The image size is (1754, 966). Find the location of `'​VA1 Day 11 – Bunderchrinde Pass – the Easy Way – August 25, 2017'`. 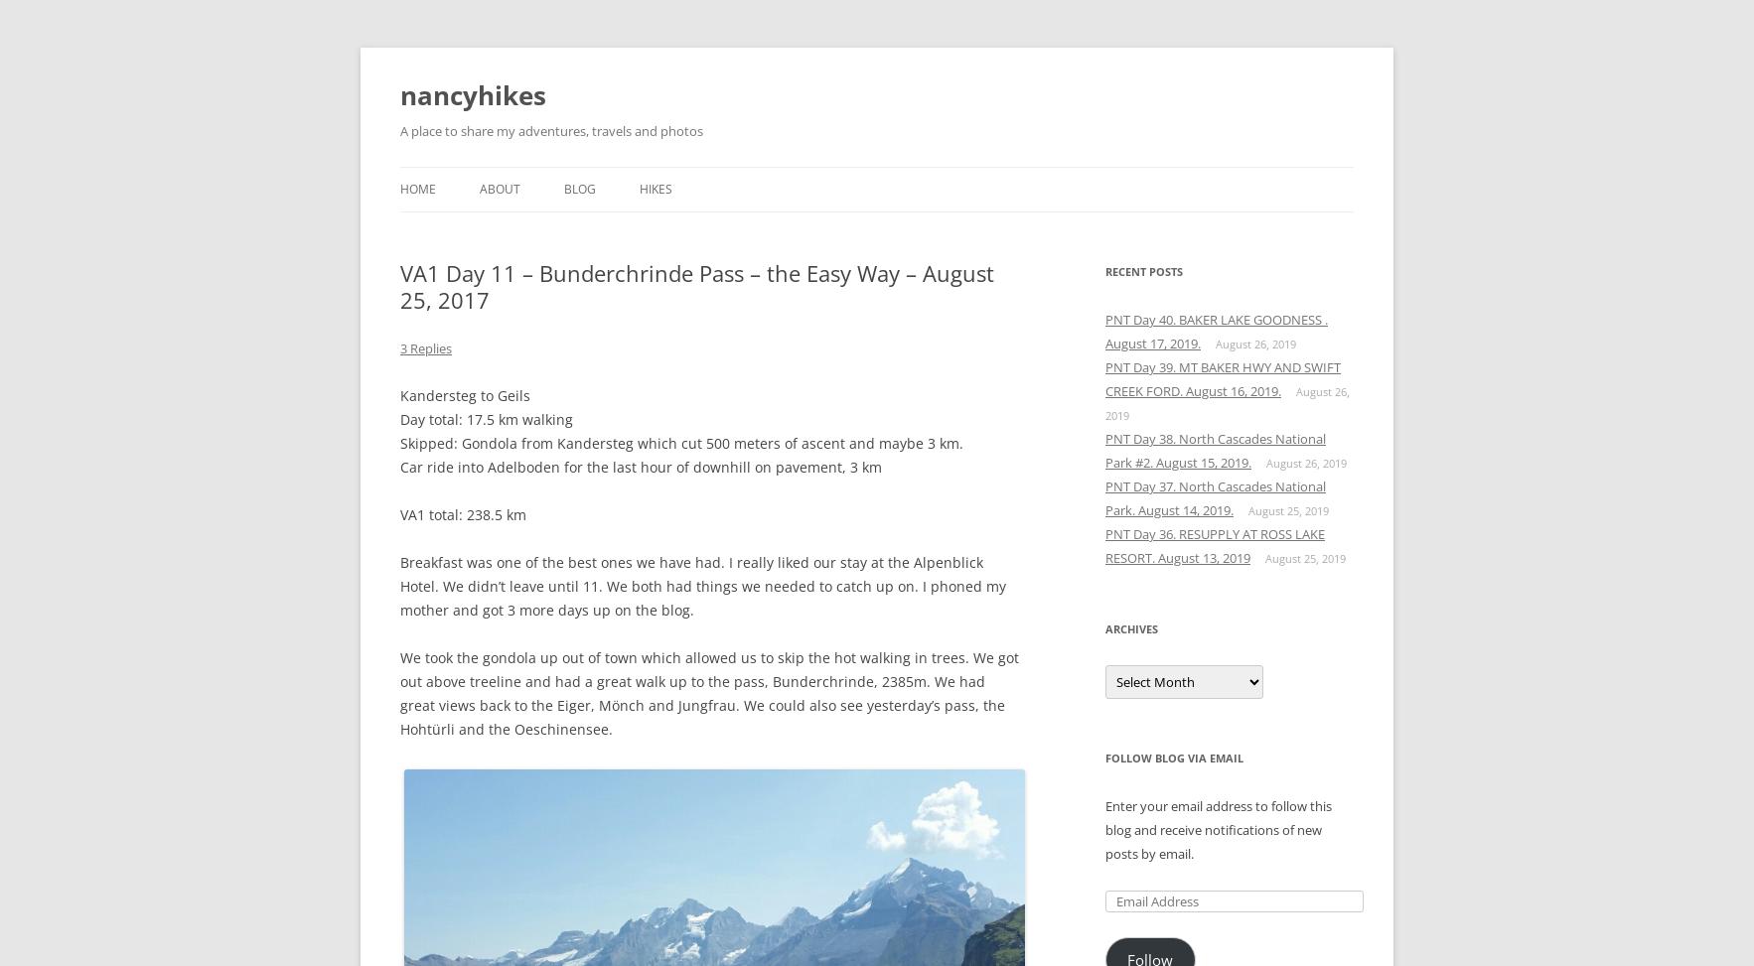

'​VA1 Day 11 – Bunderchrinde Pass – the Easy Way – August 25, 2017' is located at coordinates (696, 286).